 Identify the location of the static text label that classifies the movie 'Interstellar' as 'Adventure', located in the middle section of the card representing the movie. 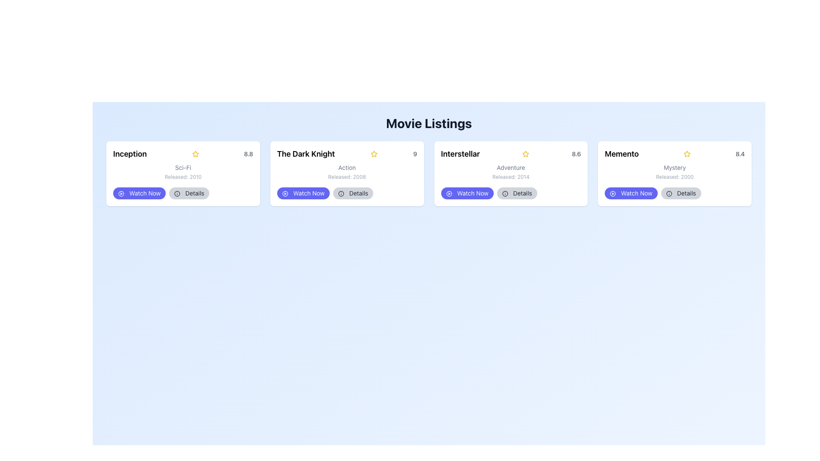
(511, 168).